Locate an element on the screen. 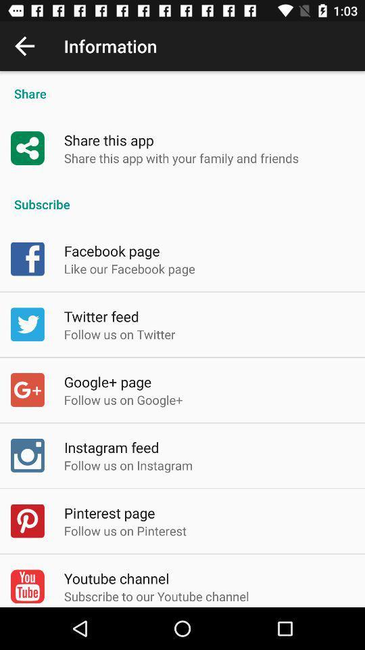 The width and height of the screenshot is (365, 650). the icon to the left of the information icon is located at coordinates (24, 46).